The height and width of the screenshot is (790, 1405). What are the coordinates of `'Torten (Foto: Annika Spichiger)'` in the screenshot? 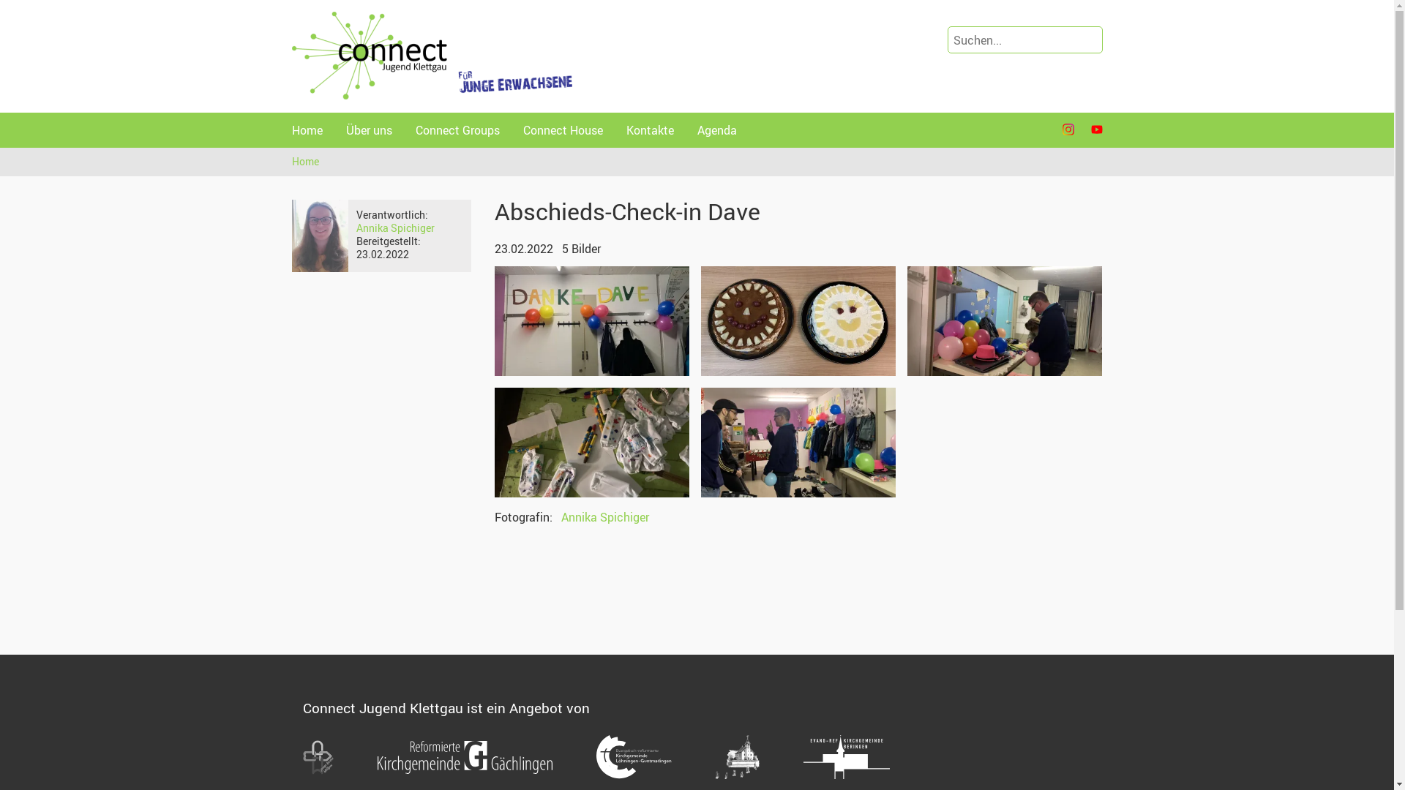 It's located at (797, 320).